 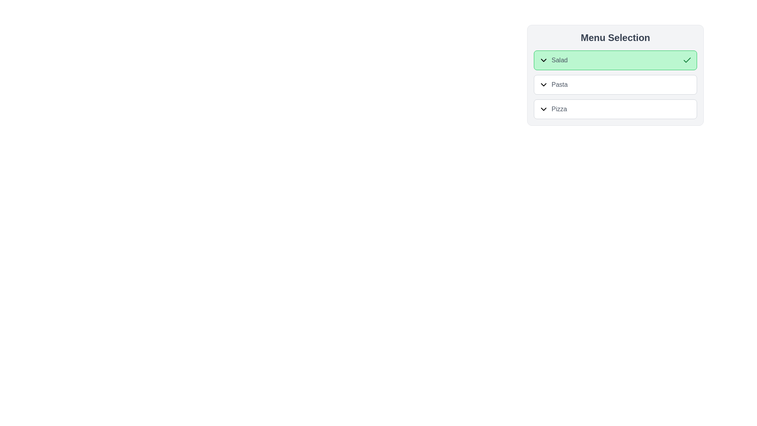 I want to click on the downward-pointing chevron icon next to the 'Salad' text, so click(x=543, y=60).